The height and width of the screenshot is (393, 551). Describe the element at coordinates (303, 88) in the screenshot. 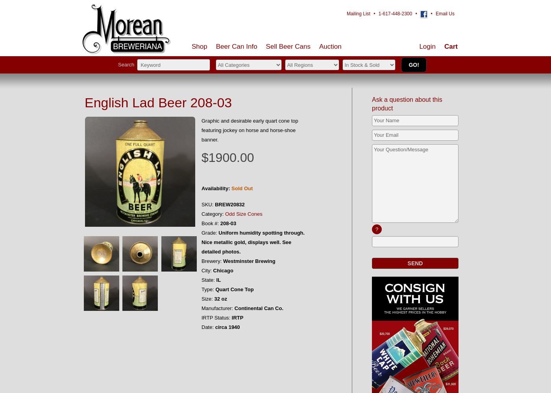

I see `'Beer Can Books'` at that location.